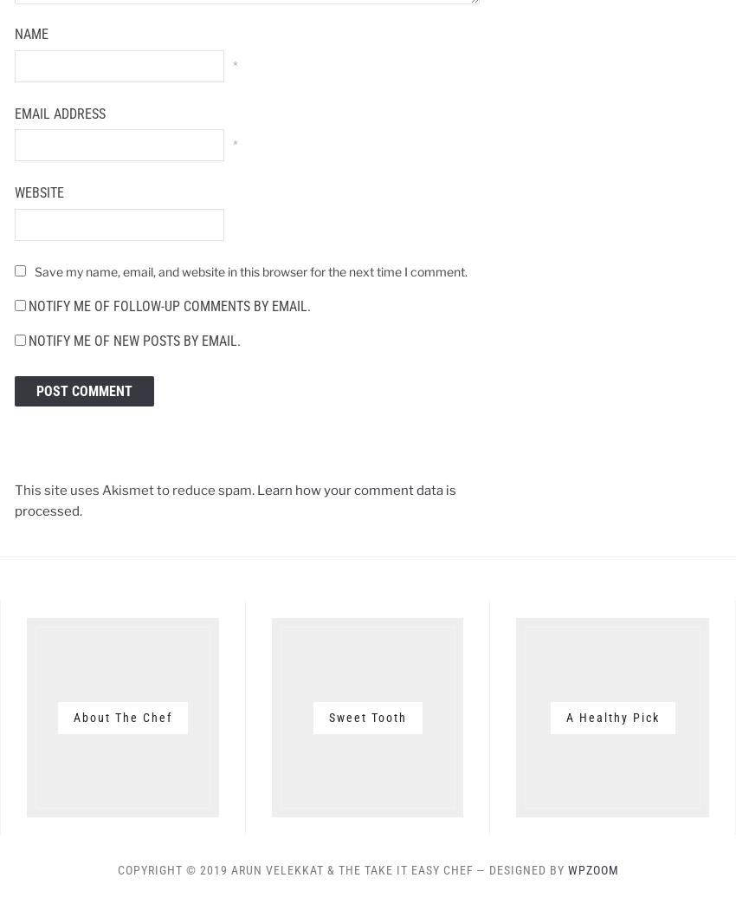 The width and height of the screenshot is (736, 904). Describe the element at coordinates (366, 716) in the screenshot. I see `'Sweet Tooth'` at that location.